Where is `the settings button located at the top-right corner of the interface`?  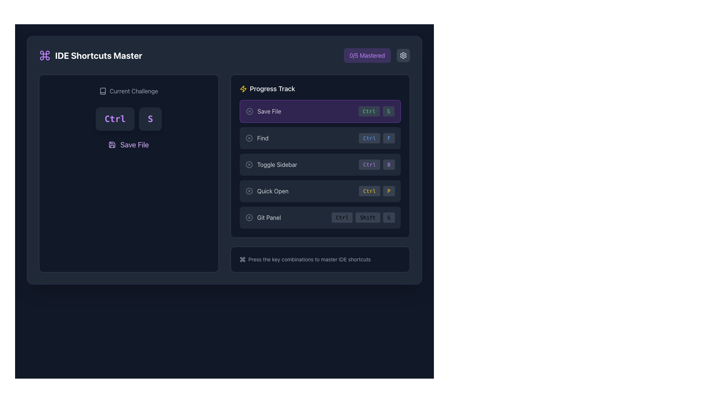
the settings button located at the top-right corner of the interface is located at coordinates (403, 55).